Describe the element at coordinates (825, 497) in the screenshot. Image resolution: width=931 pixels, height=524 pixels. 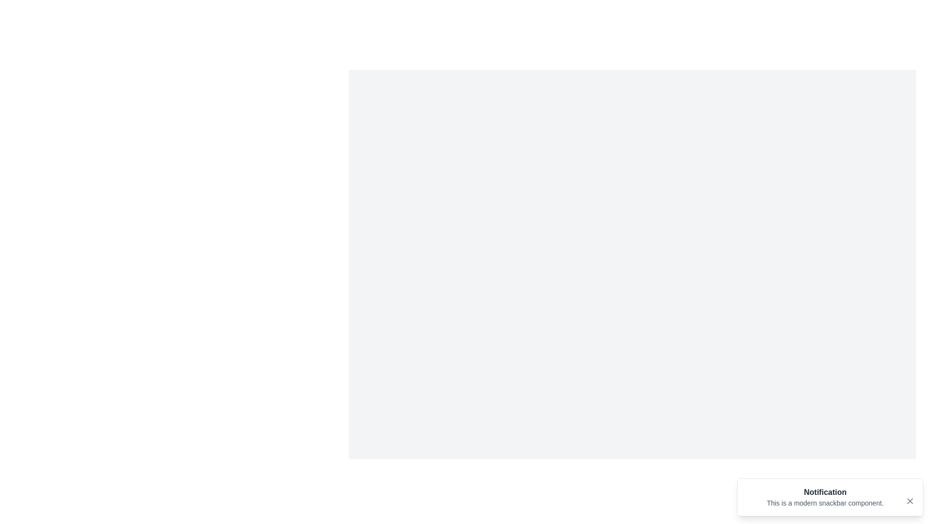
I see `the notification message displayed in the text display component, which includes the bolded text 'Notification' and the lighter text 'This is a modern snackbar component.'` at that location.